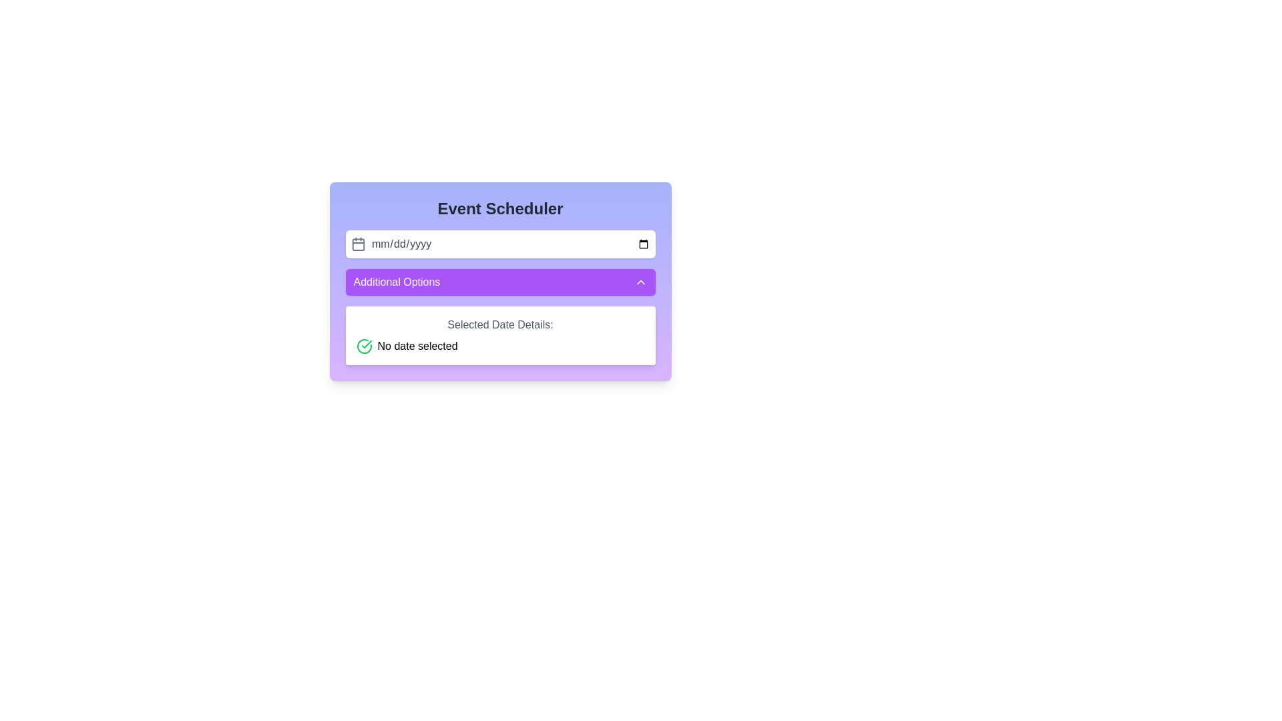 The height and width of the screenshot is (721, 1282). I want to click on the purple button labeled 'Additional Options' located below the date selection input field, so click(499, 282).